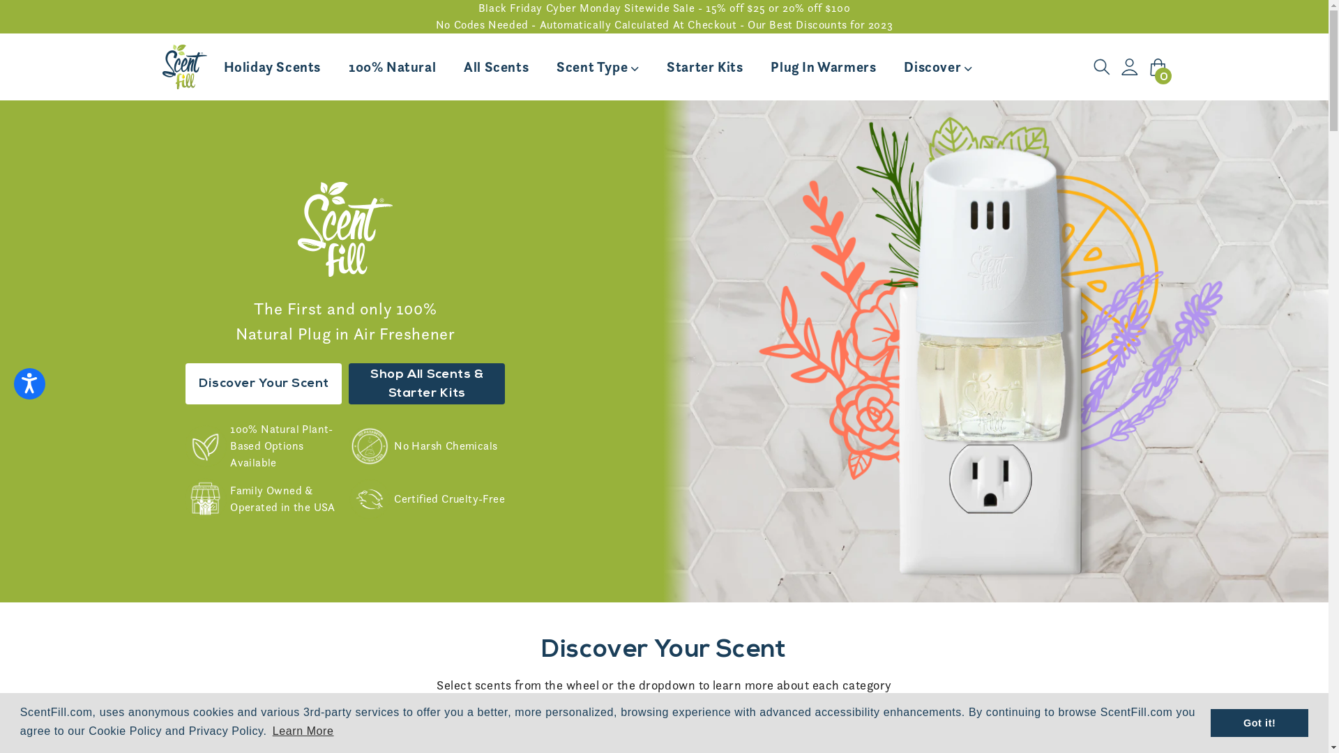 The image size is (1339, 753). What do you see at coordinates (271, 67) in the screenshot?
I see `'Holiday Scents'` at bounding box center [271, 67].